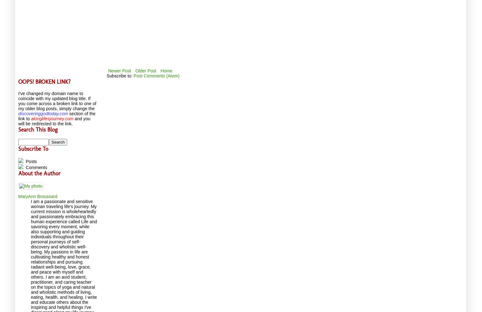  I want to click on 'alonglifesjourney.com', so click(30, 118).